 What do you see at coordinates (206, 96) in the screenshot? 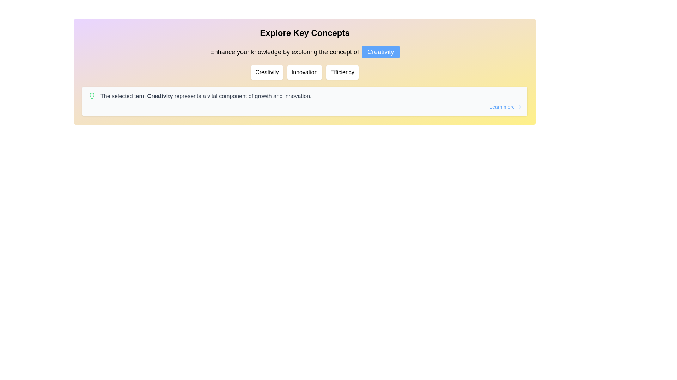
I see `the Text Label that explains the significance of 'Creativity', positioned to the right of a lightbulb icon in a white section below the header` at bounding box center [206, 96].